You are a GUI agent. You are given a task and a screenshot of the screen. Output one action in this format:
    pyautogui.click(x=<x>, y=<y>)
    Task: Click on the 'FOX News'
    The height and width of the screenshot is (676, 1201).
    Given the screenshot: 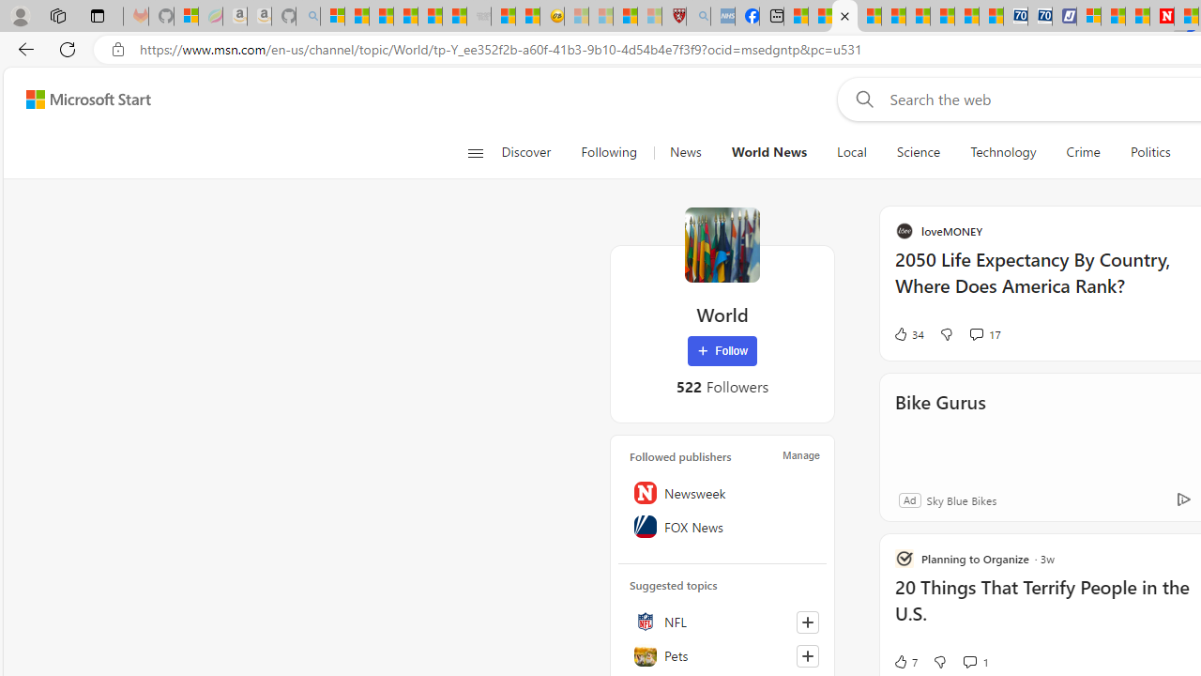 What is the action you would take?
    pyautogui.click(x=722, y=527)
    